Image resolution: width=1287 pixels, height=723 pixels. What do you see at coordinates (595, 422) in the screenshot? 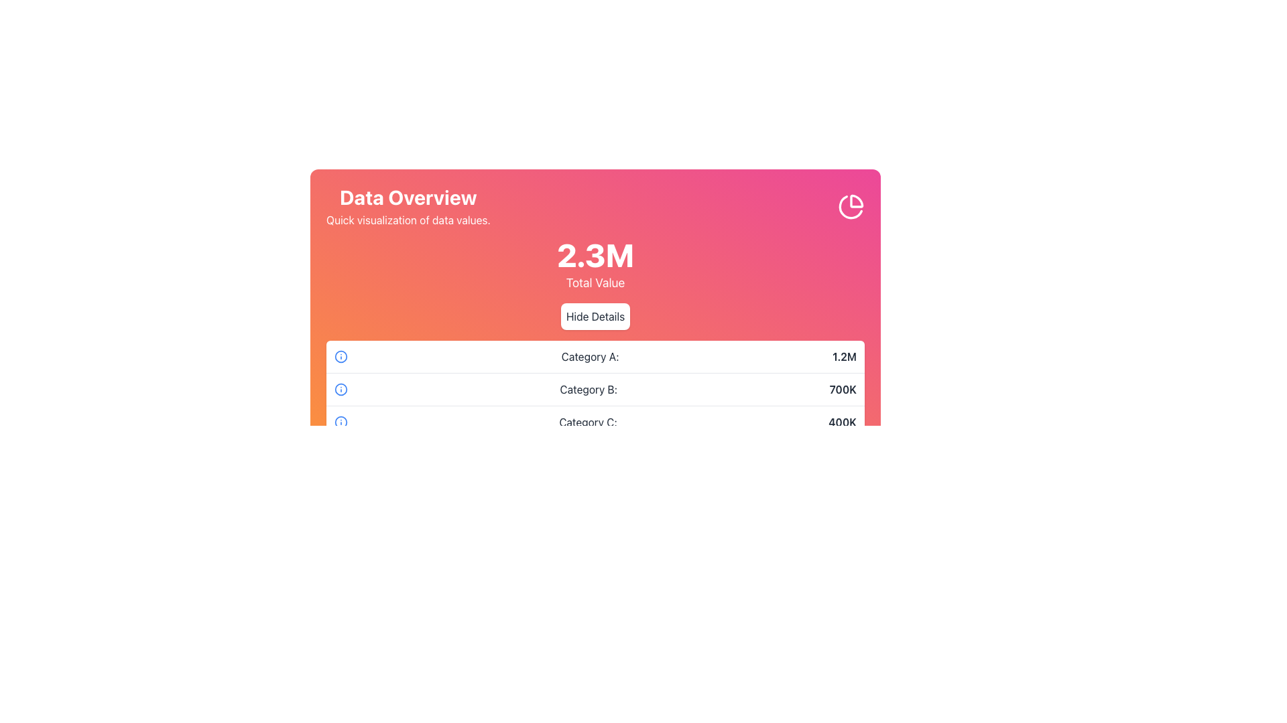
I see `the third and last row of the table that presents the total count or value of 'Category C', positioned below 'Category B: 700K'` at bounding box center [595, 422].